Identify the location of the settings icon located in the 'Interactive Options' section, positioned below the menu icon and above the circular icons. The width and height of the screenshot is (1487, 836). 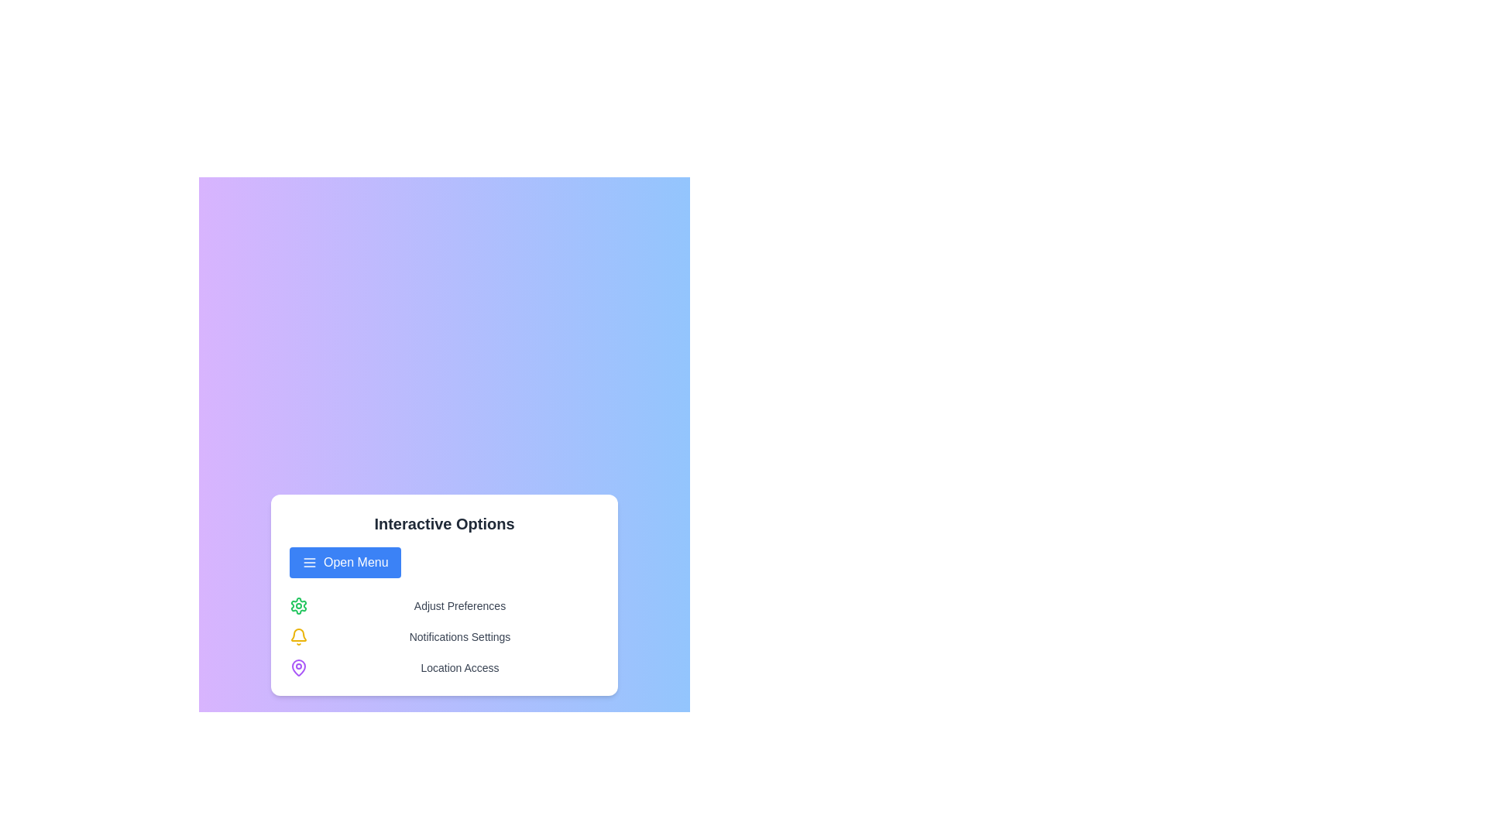
(298, 605).